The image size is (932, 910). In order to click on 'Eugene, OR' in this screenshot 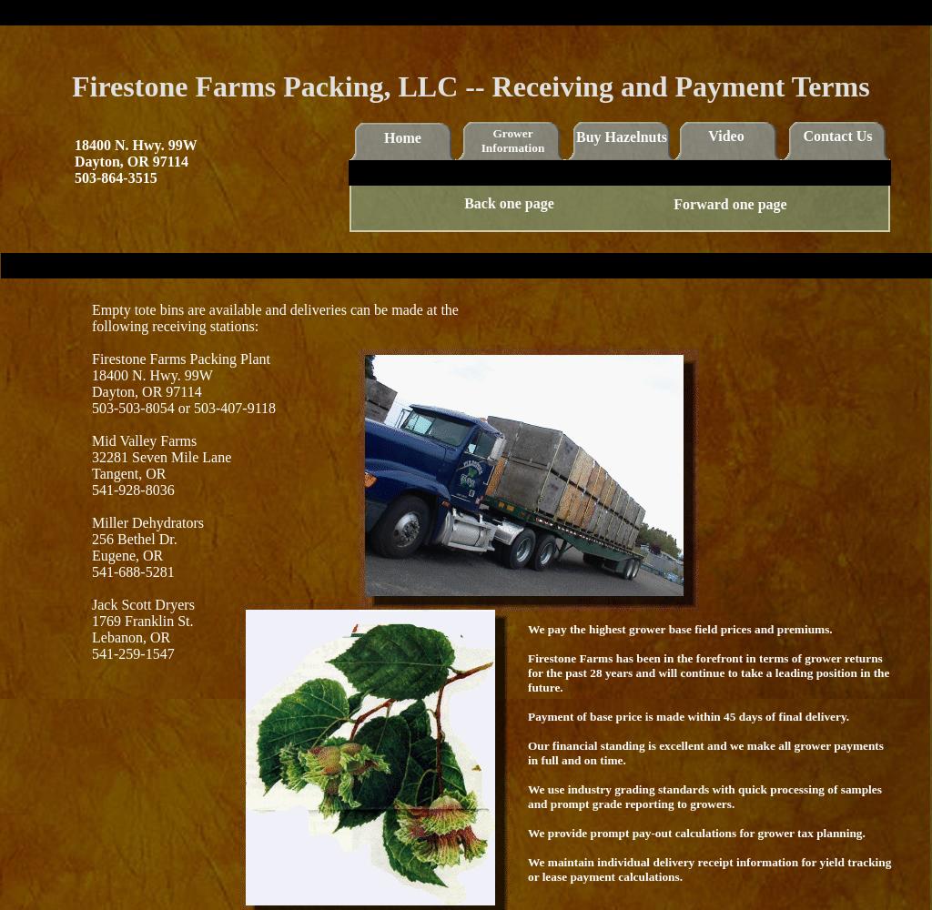, I will do `click(126, 554)`.